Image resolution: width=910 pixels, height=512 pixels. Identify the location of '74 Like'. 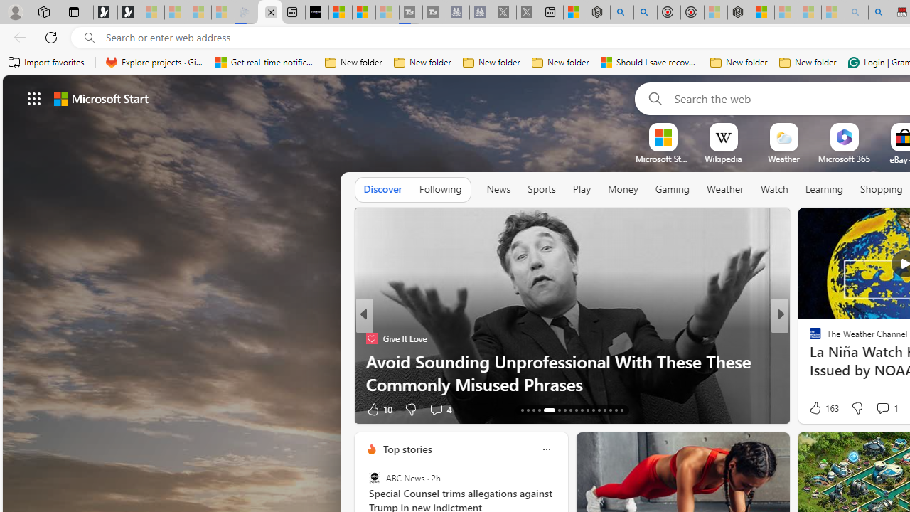
(817, 409).